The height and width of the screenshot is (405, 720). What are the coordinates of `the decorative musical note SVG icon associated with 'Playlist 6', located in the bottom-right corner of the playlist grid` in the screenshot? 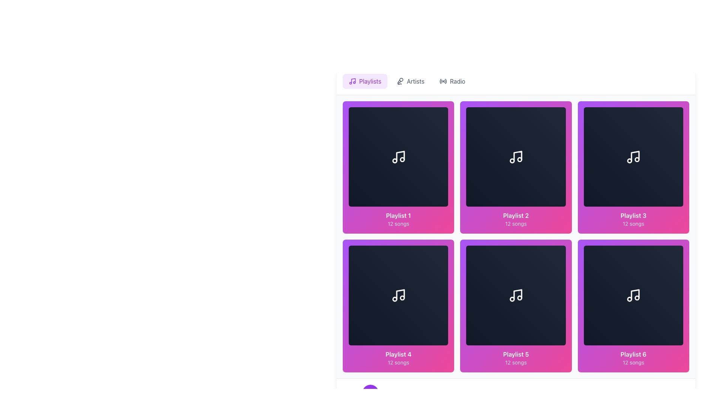 It's located at (633, 295).